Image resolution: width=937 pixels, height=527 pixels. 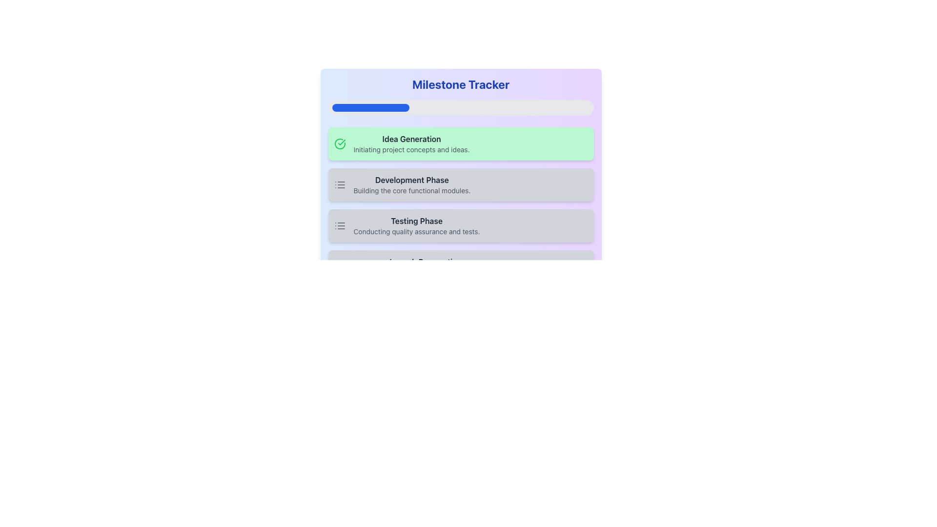 What do you see at coordinates (411, 143) in the screenshot?
I see `the details of the Content Box titled 'Idea Generation', which is located at the top of the section under 'Milestone Tracker'` at bounding box center [411, 143].